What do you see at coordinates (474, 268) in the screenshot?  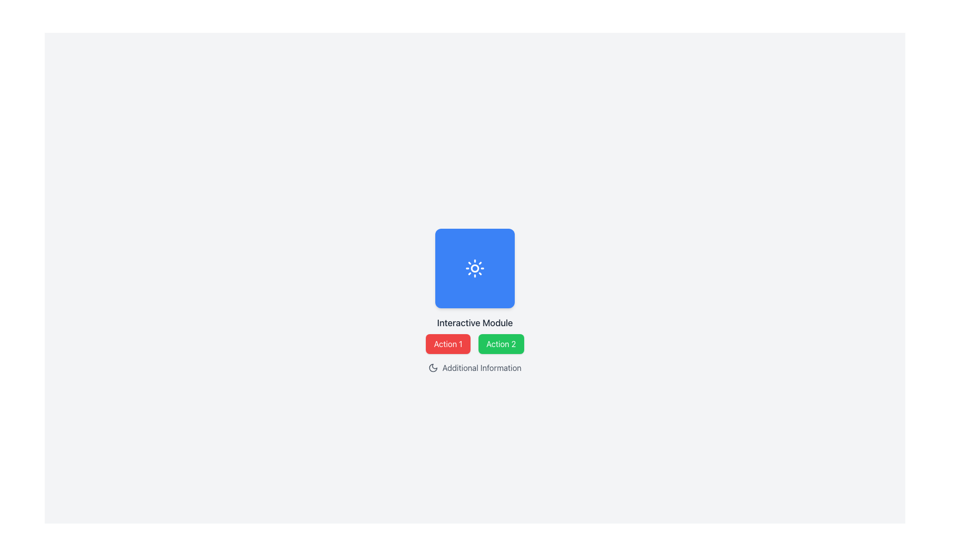 I see `the central interactive button positioned above the text 'Interactive Module' and aligned with the buttons 'Action 1' and 'Action 2'` at bounding box center [474, 268].